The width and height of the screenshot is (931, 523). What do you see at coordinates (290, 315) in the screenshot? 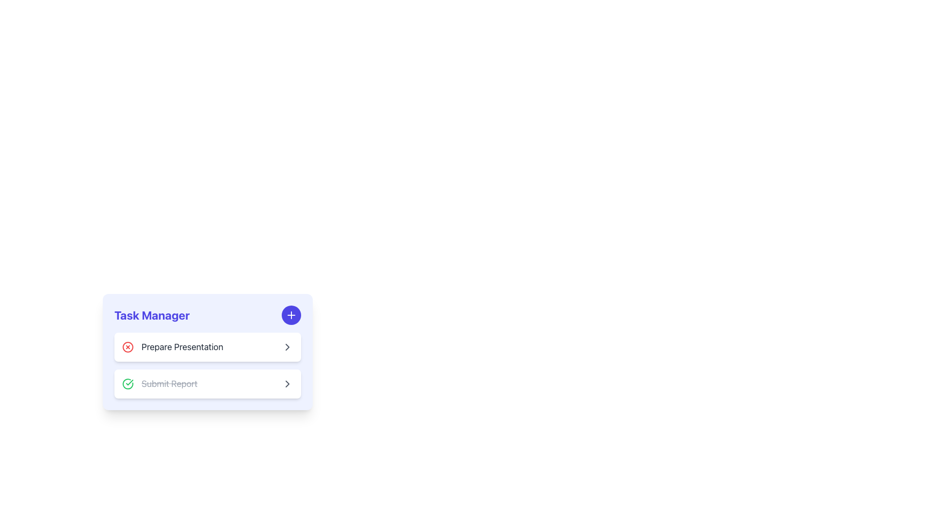
I see `the circular button with a purple background and a white plus icon in the top-right corner of the 'Task Manager' section` at bounding box center [290, 315].